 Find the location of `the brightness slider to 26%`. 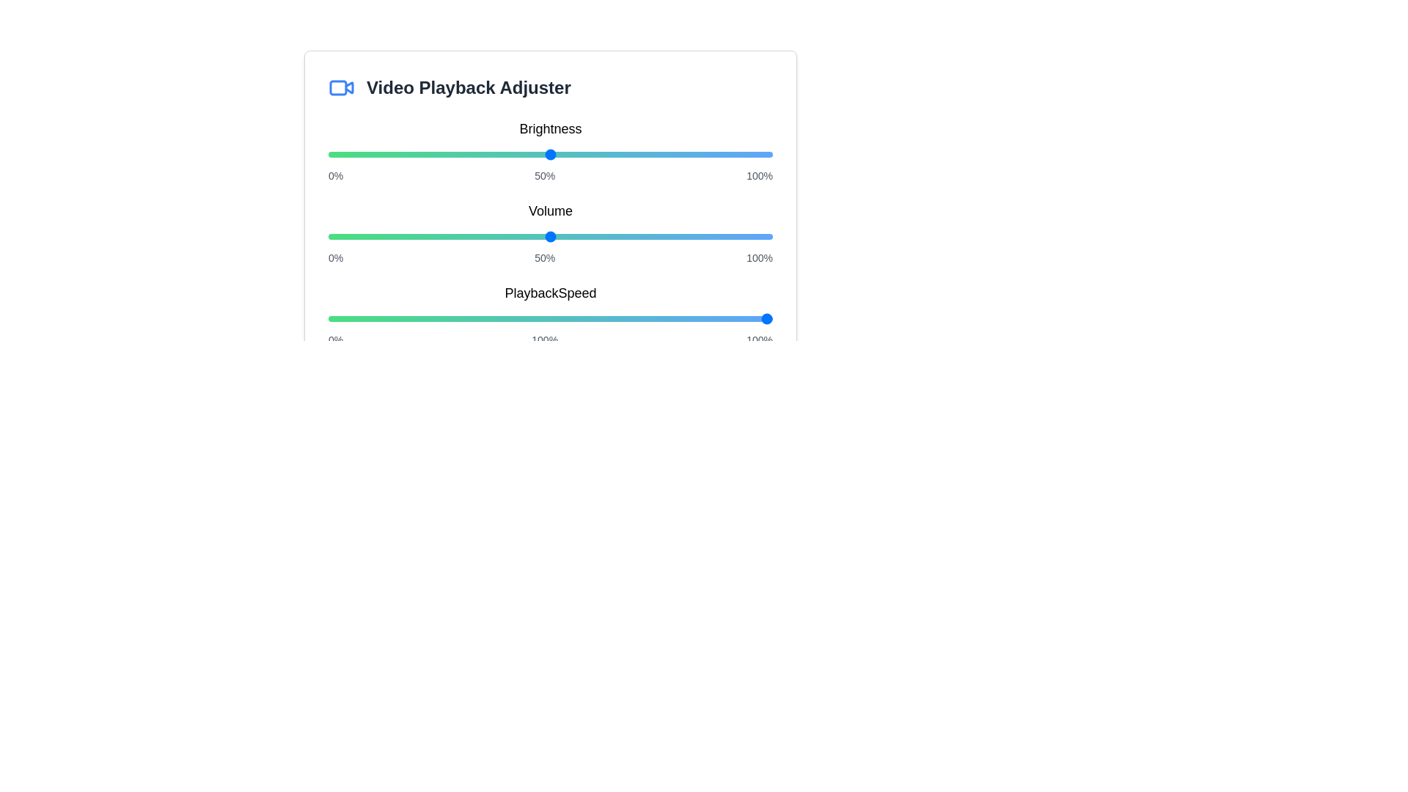

the brightness slider to 26% is located at coordinates (443, 155).